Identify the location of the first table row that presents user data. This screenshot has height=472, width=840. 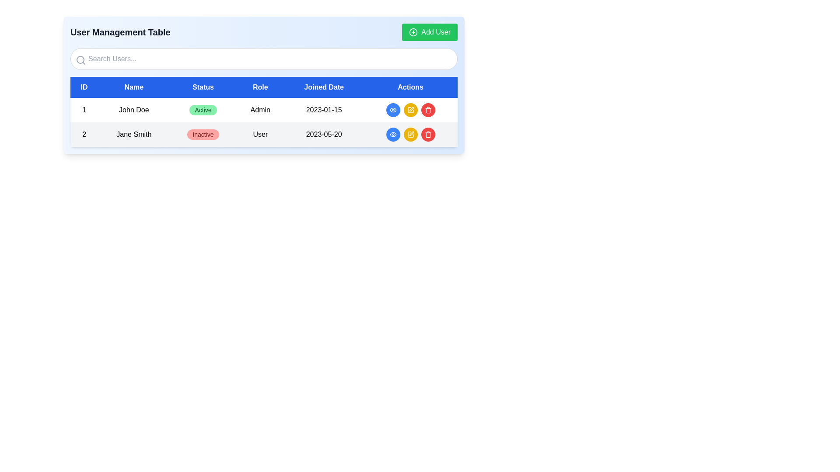
(263, 109).